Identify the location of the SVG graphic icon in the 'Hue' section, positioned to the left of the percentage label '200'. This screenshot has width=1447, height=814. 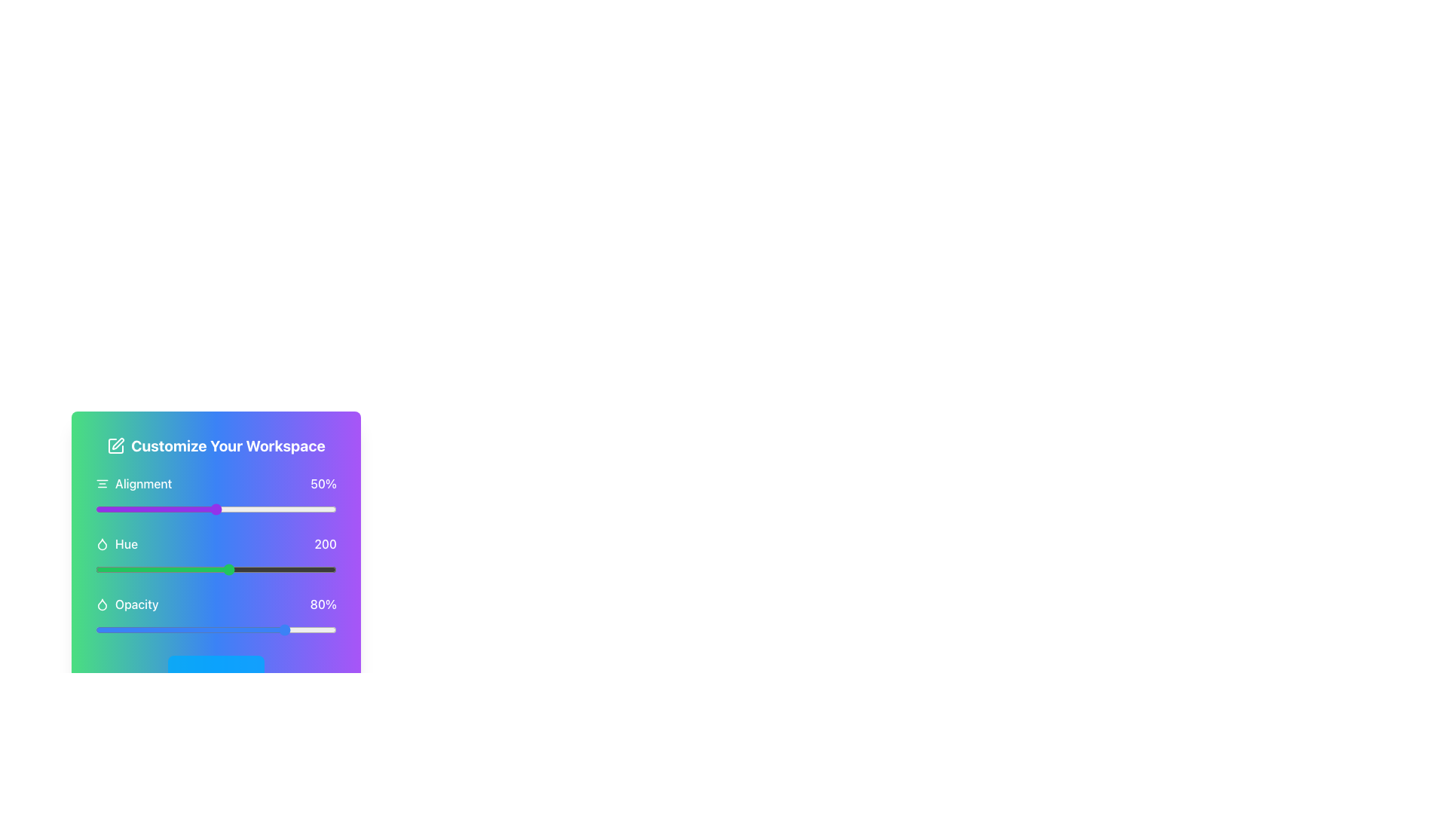
(101, 543).